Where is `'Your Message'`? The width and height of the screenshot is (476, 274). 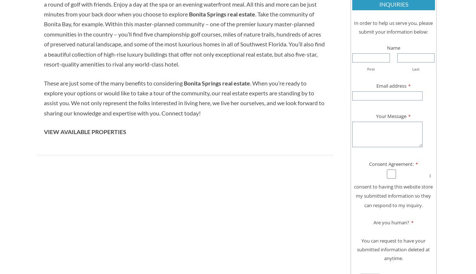
'Your Message' is located at coordinates (376, 116).